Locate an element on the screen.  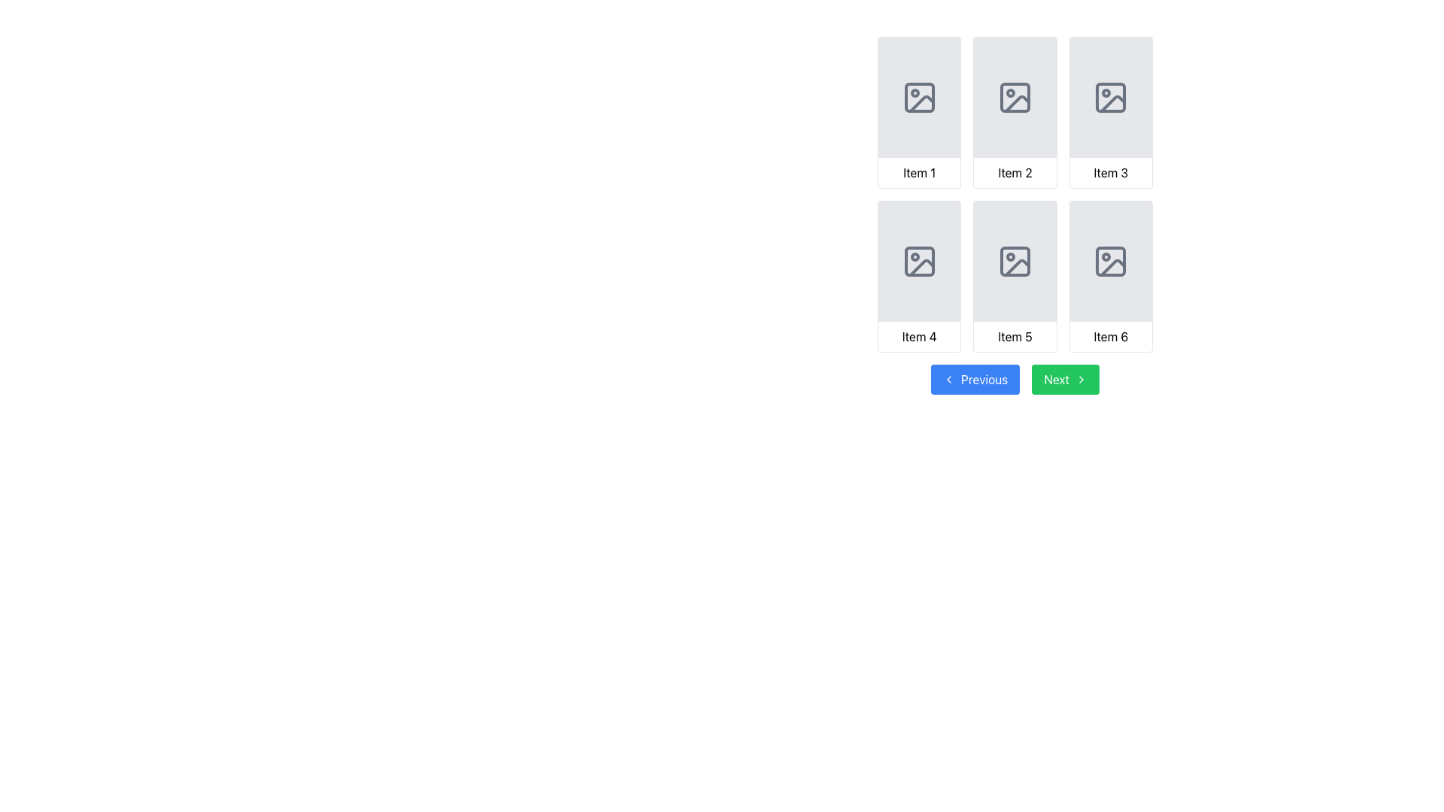
the gray rectangle with rounded corners located in the top-left image placeholder of the grid layout, corresponding to 'Item 1' is located at coordinates (918, 98).